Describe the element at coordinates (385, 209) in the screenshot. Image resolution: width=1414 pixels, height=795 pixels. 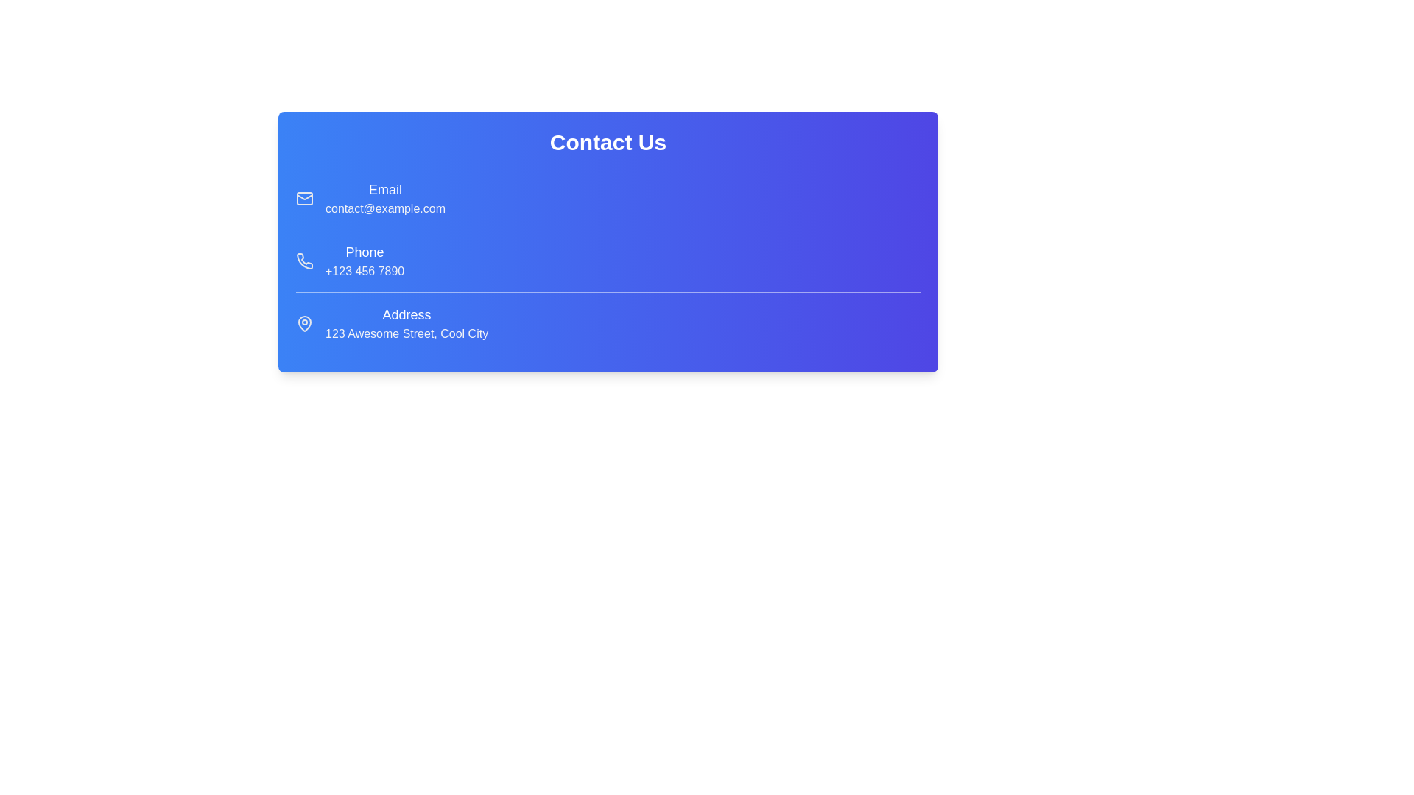
I see `the Text Display element that presents the email address, located below the 'Email' label in the contact section` at that location.